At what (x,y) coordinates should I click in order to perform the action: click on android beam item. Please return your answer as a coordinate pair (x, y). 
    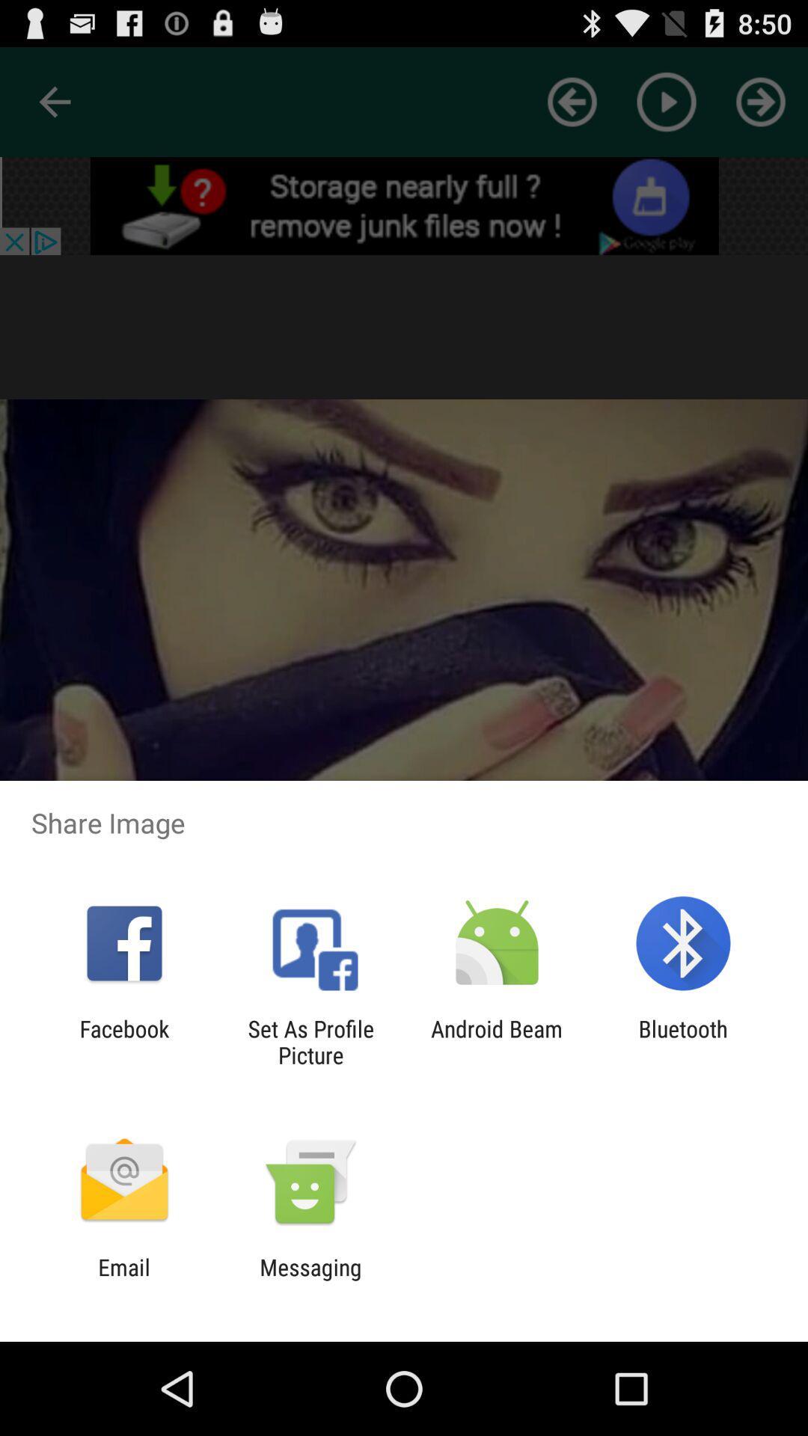
    Looking at the image, I should click on (497, 1041).